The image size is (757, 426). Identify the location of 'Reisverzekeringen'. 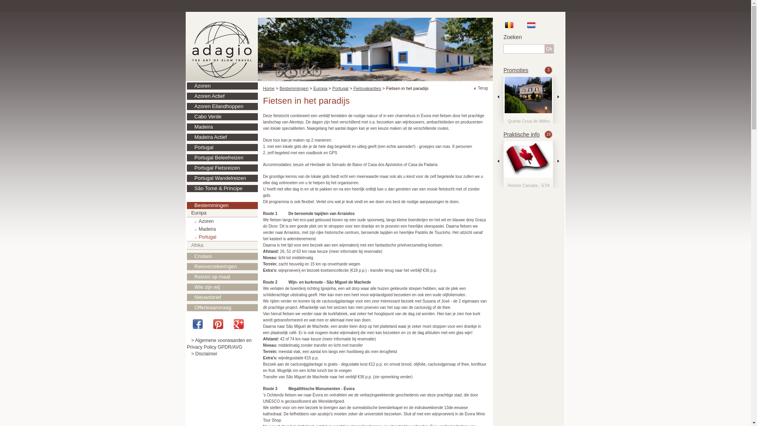
(222, 266).